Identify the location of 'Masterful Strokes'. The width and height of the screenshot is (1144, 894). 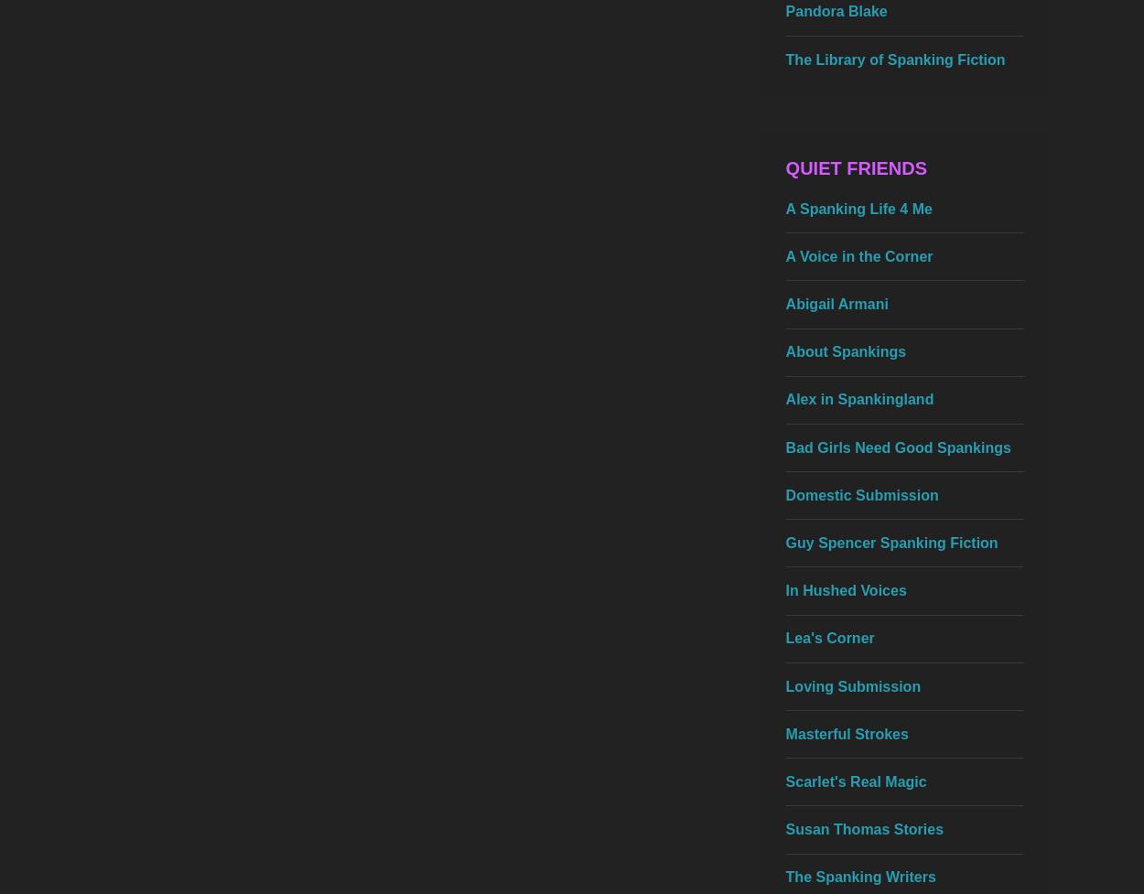
(784, 733).